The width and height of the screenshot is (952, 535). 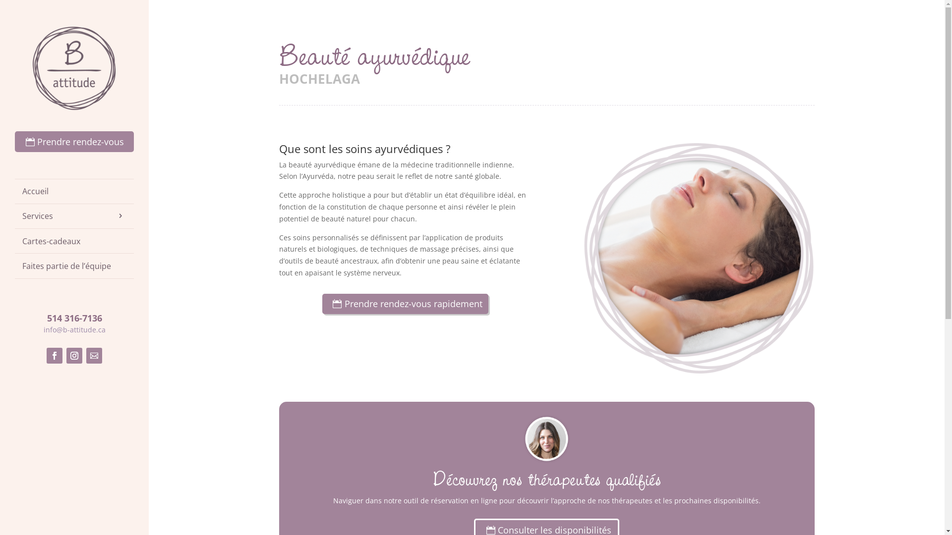 I want to click on '514 316-7136', so click(x=73, y=318).